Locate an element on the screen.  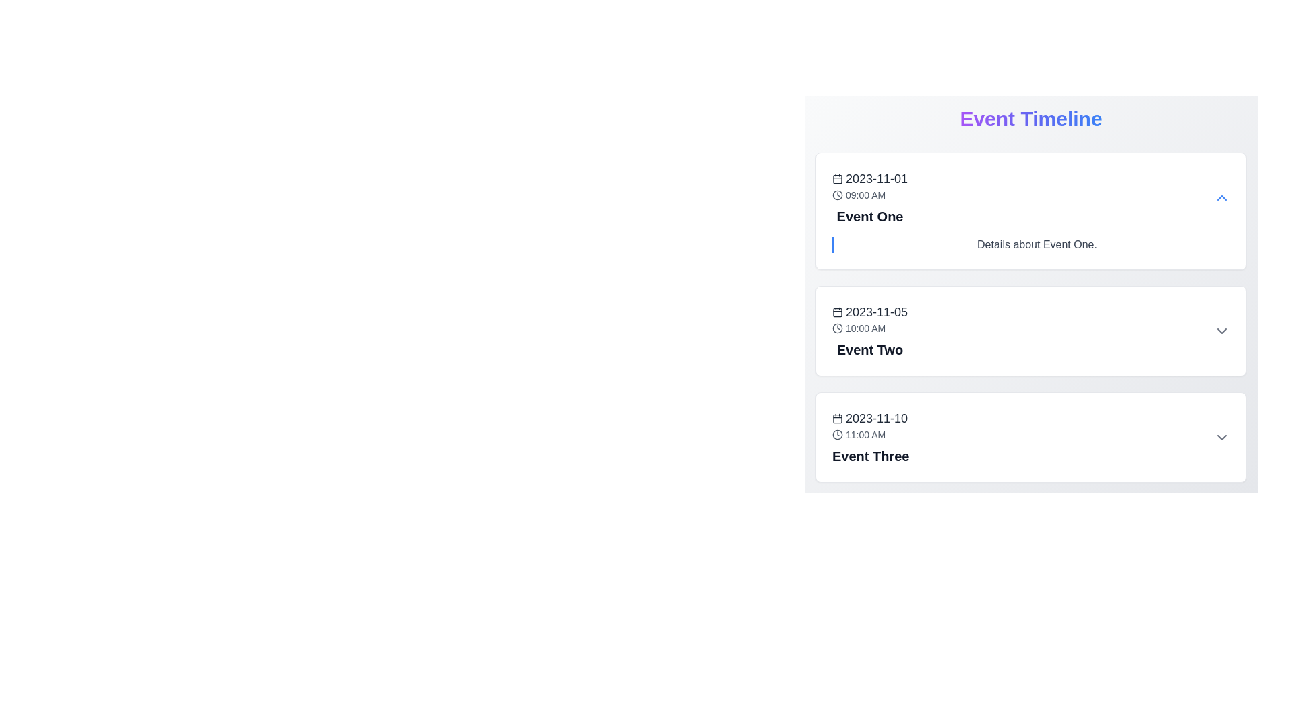
text of the element labeled 'Event Three', which is positioned below the event date '2023-11-10' and time '11:00 AM', serving as an identifier for the associated event information is located at coordinates (871, 456).